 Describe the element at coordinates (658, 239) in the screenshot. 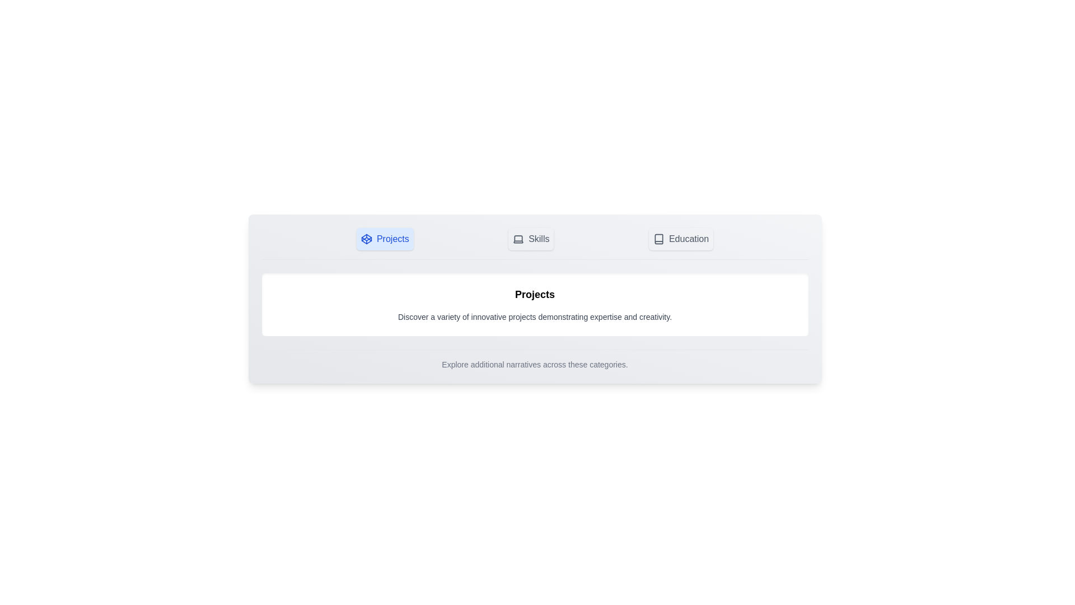

I see `the 'Education' button by clicking on the book icon to navigate or trigger an action` at that location.